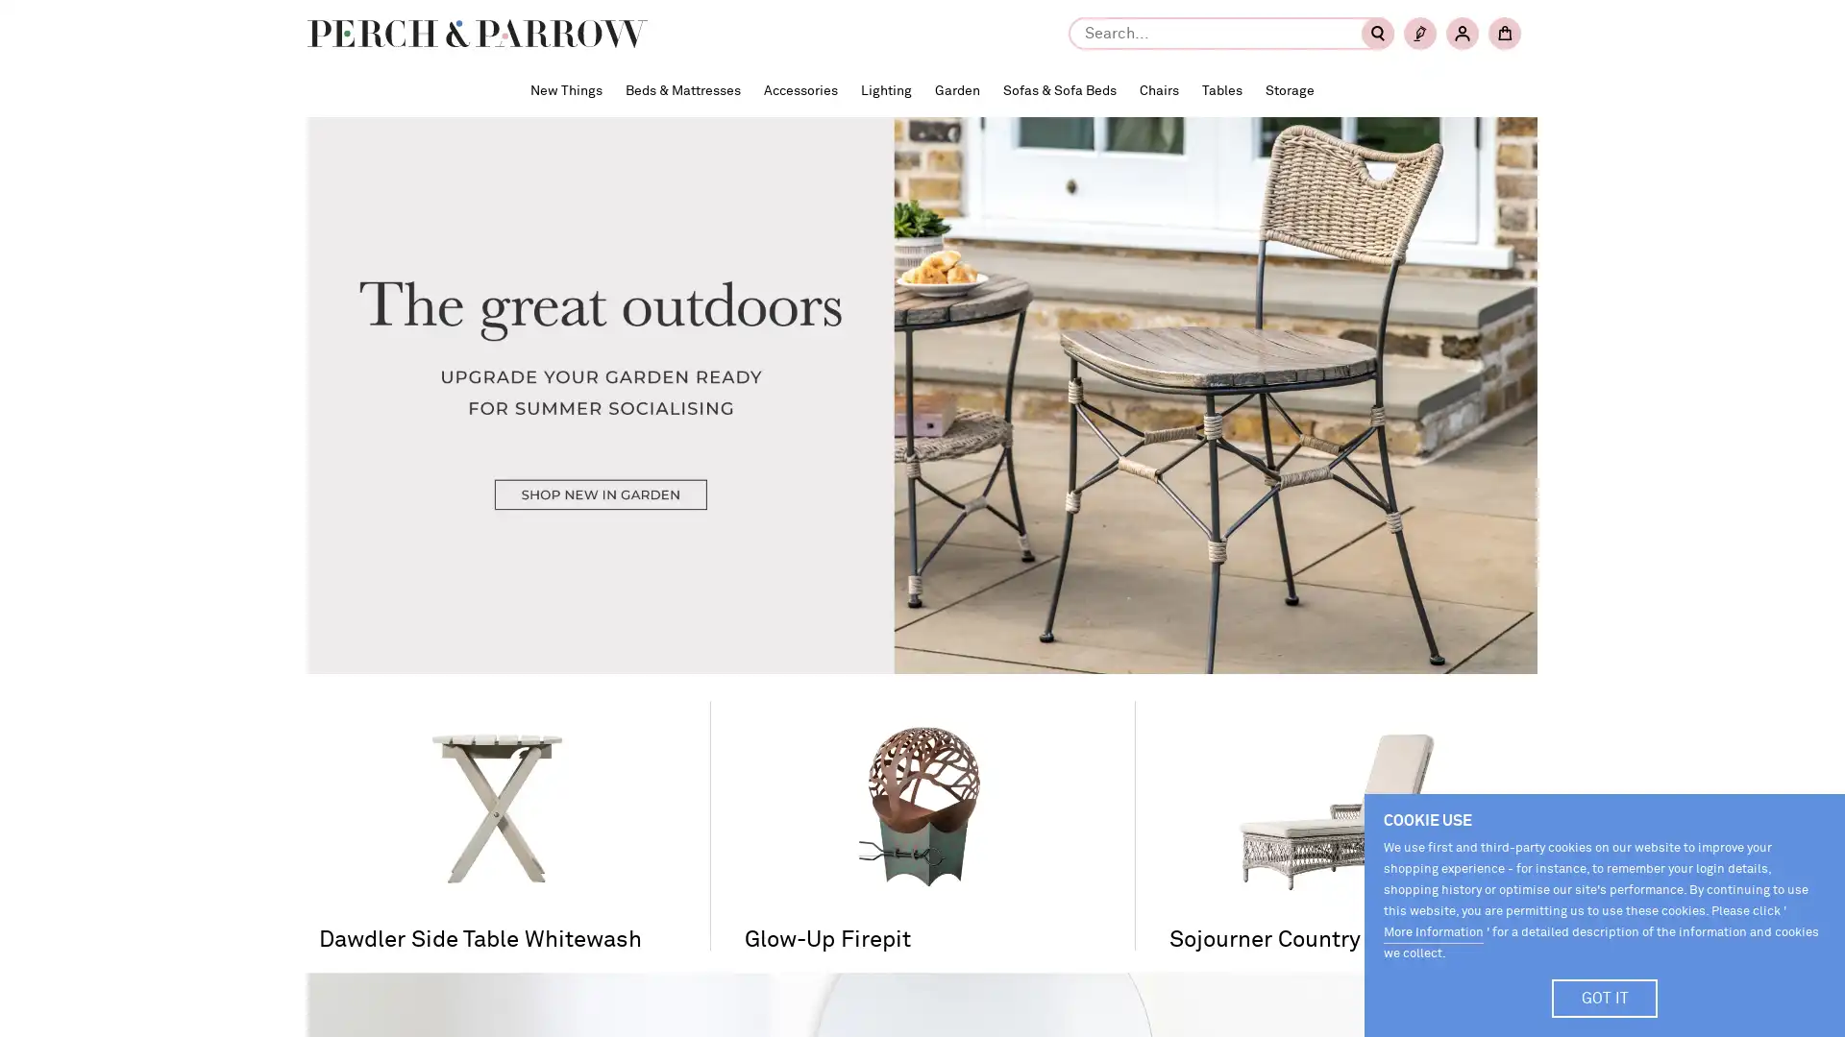  Describe the element at coordinates (351, 607) in the screenshot. I see `Previous` at that location.